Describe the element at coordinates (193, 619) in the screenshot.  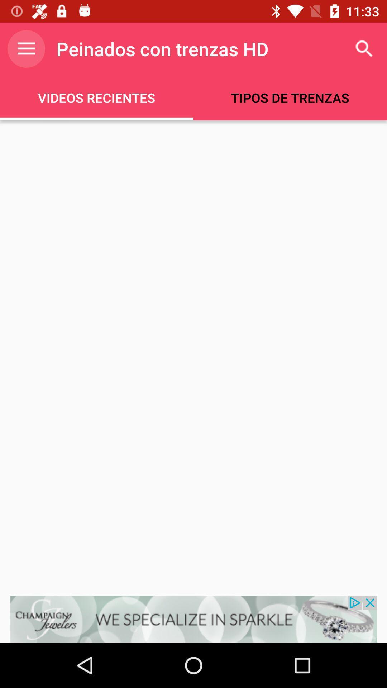
I see `advertisement link` at that location.